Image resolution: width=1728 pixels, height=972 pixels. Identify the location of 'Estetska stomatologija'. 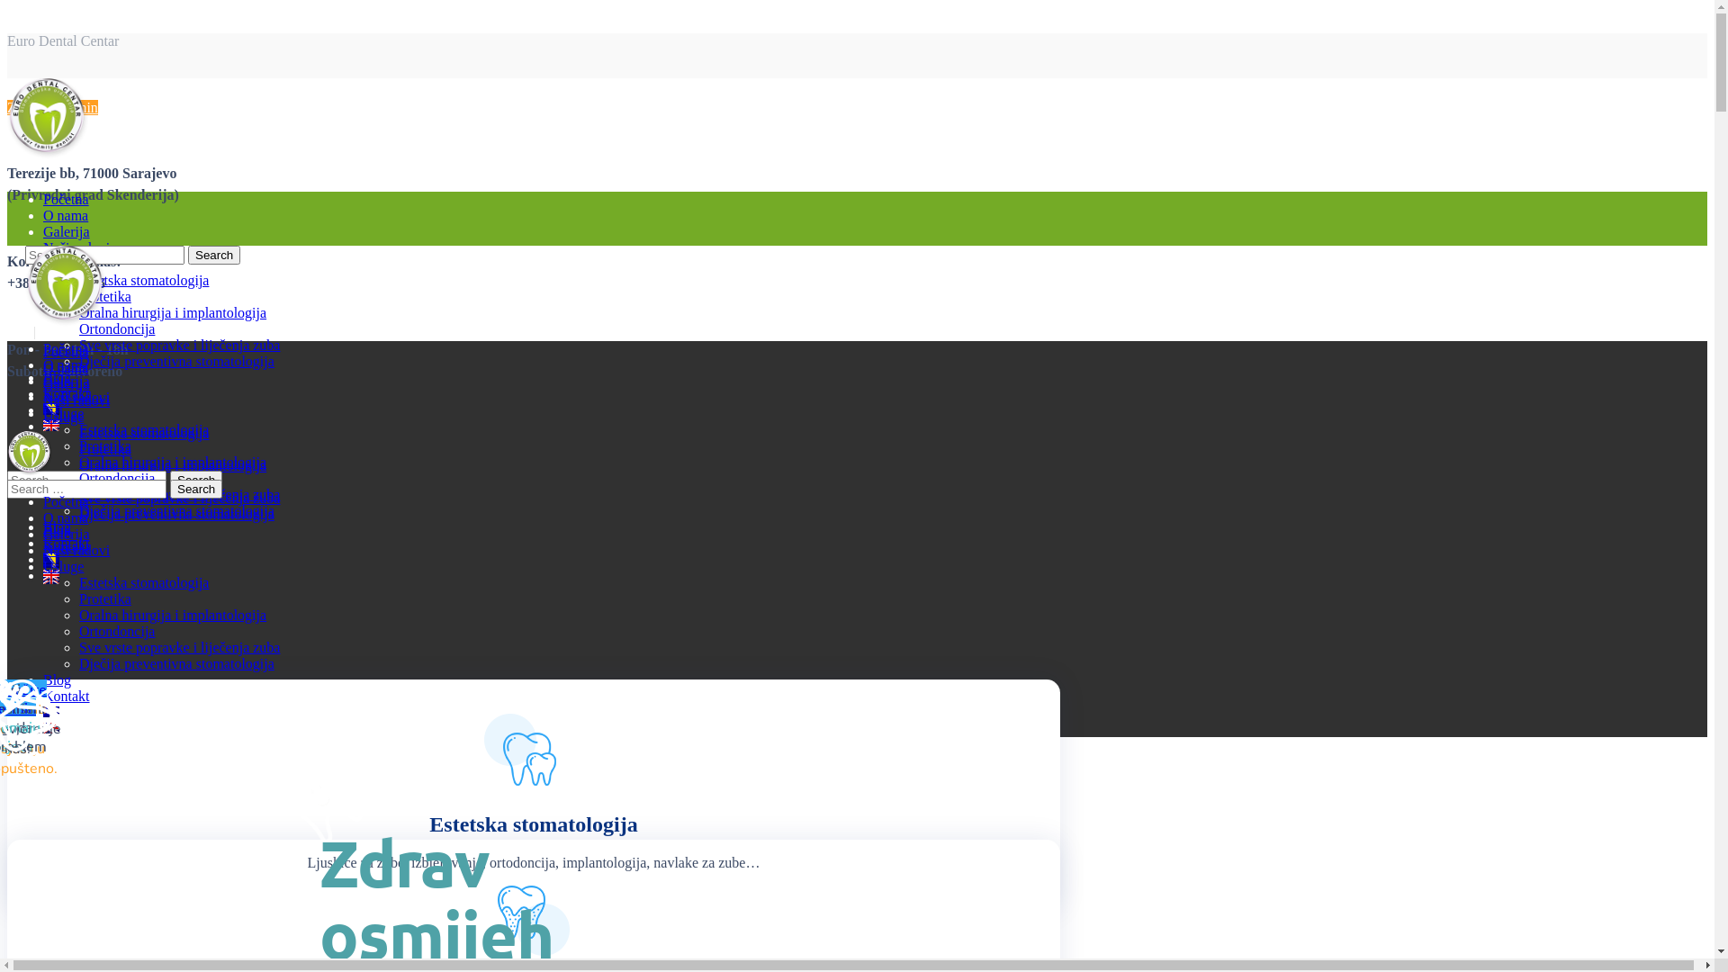
(142, 582).